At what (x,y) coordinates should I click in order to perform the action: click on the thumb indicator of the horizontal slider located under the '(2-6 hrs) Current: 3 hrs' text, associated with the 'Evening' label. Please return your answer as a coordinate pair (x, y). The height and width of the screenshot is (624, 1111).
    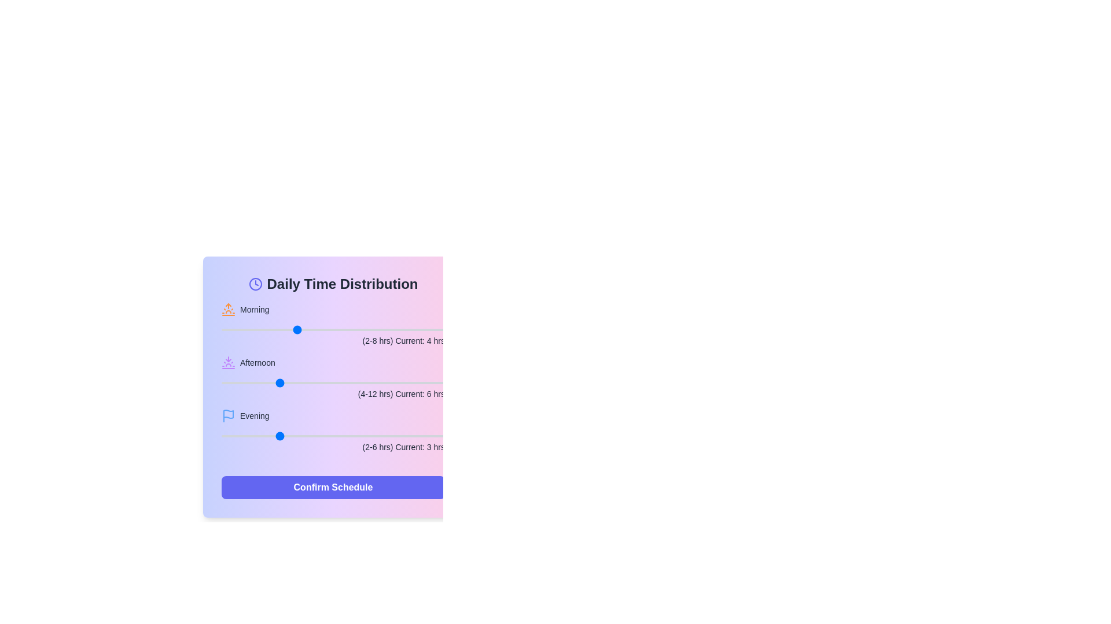
    Looking at the image, I should click on (333, 436).